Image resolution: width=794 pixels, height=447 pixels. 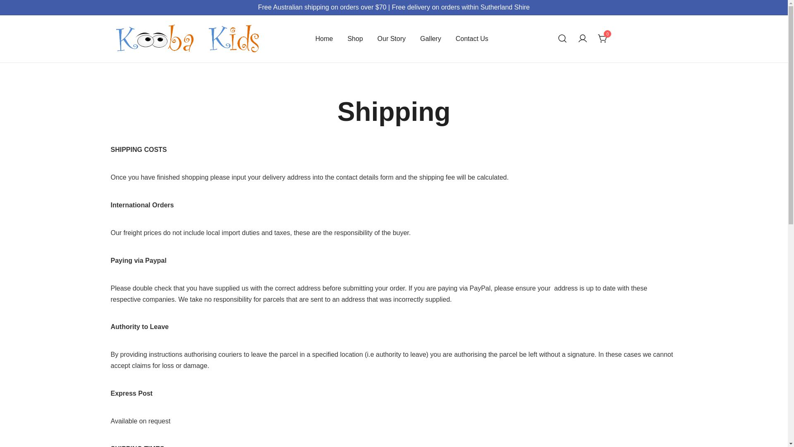 What do you see at coordinates (582, 39) in the screenshot?
I see `'Your account'` at bounding box center [582, 39].